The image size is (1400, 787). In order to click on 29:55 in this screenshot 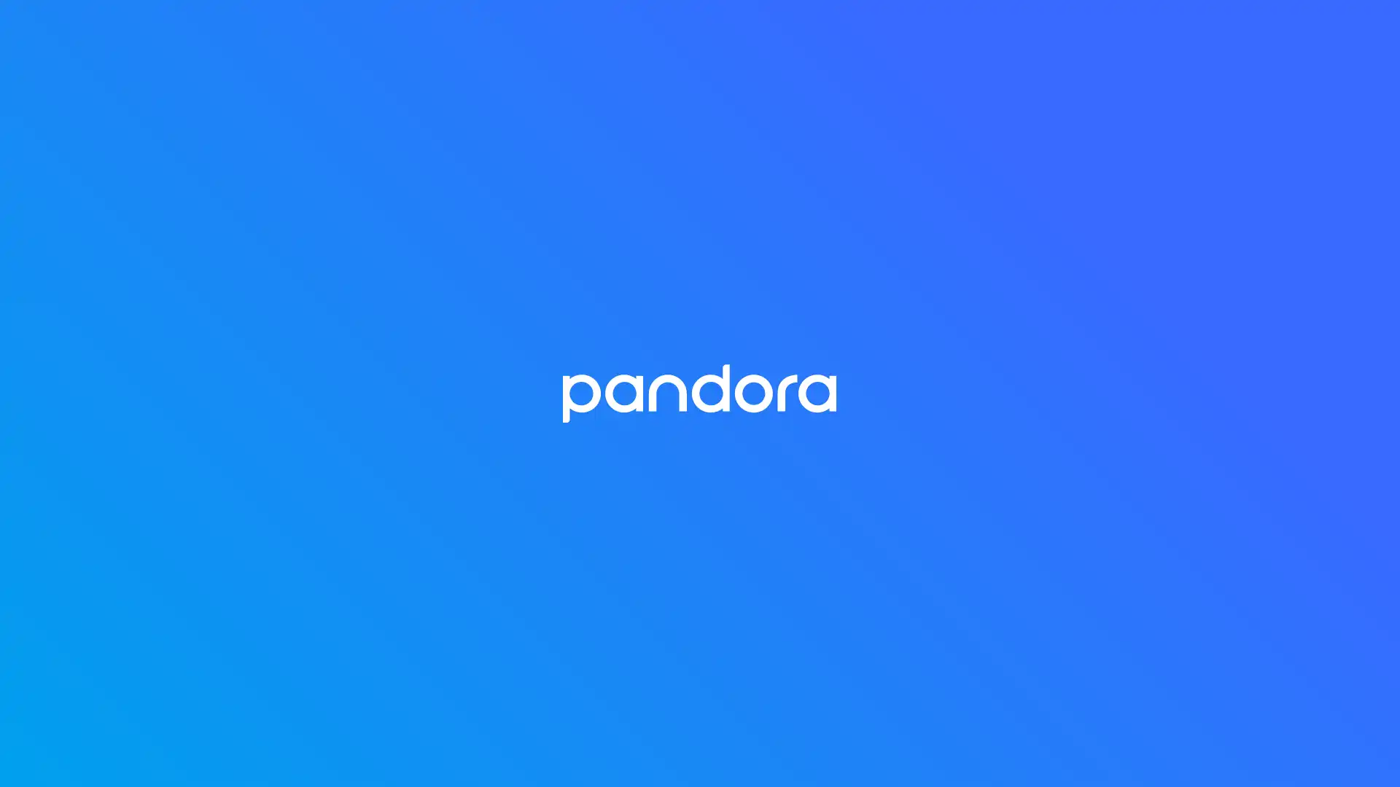, I will do `click(1207, 398)`.